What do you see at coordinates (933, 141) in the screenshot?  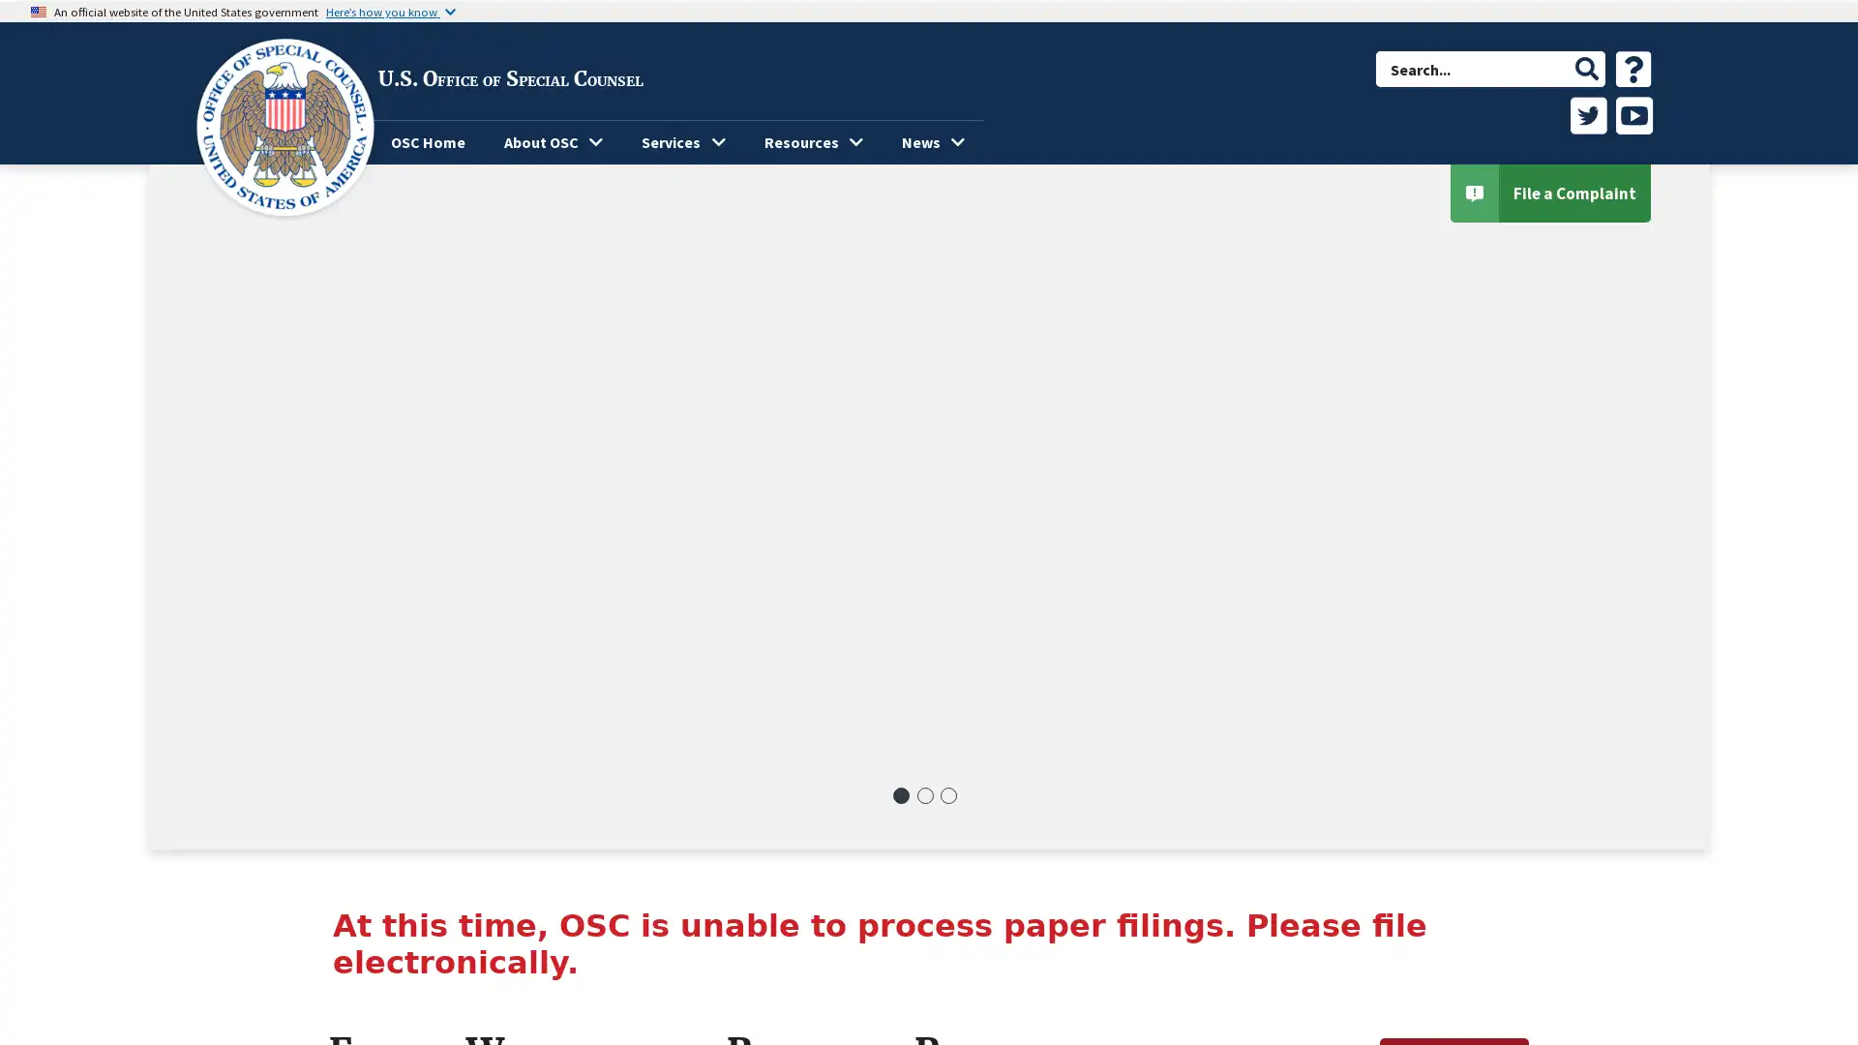 I see `News` at bounding box center [933, 141].